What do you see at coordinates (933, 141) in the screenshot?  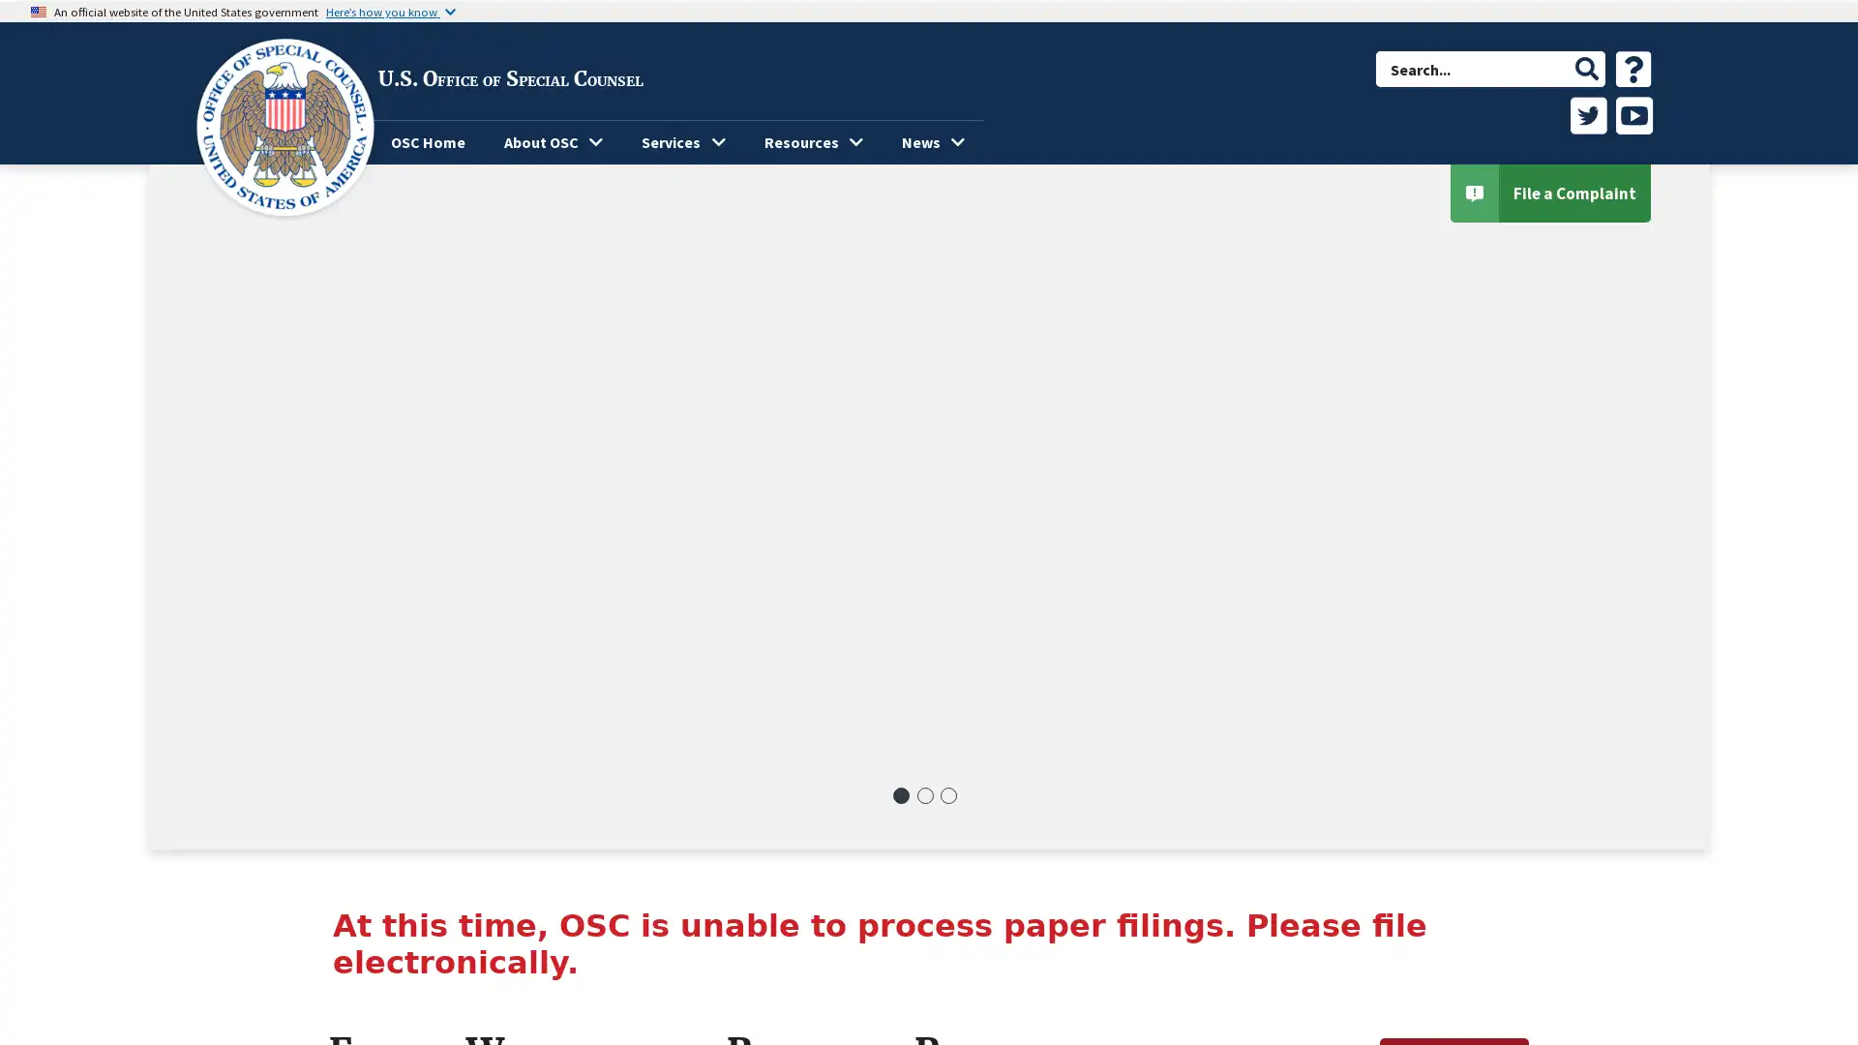 I see `News` at bounding box center [933, 141].